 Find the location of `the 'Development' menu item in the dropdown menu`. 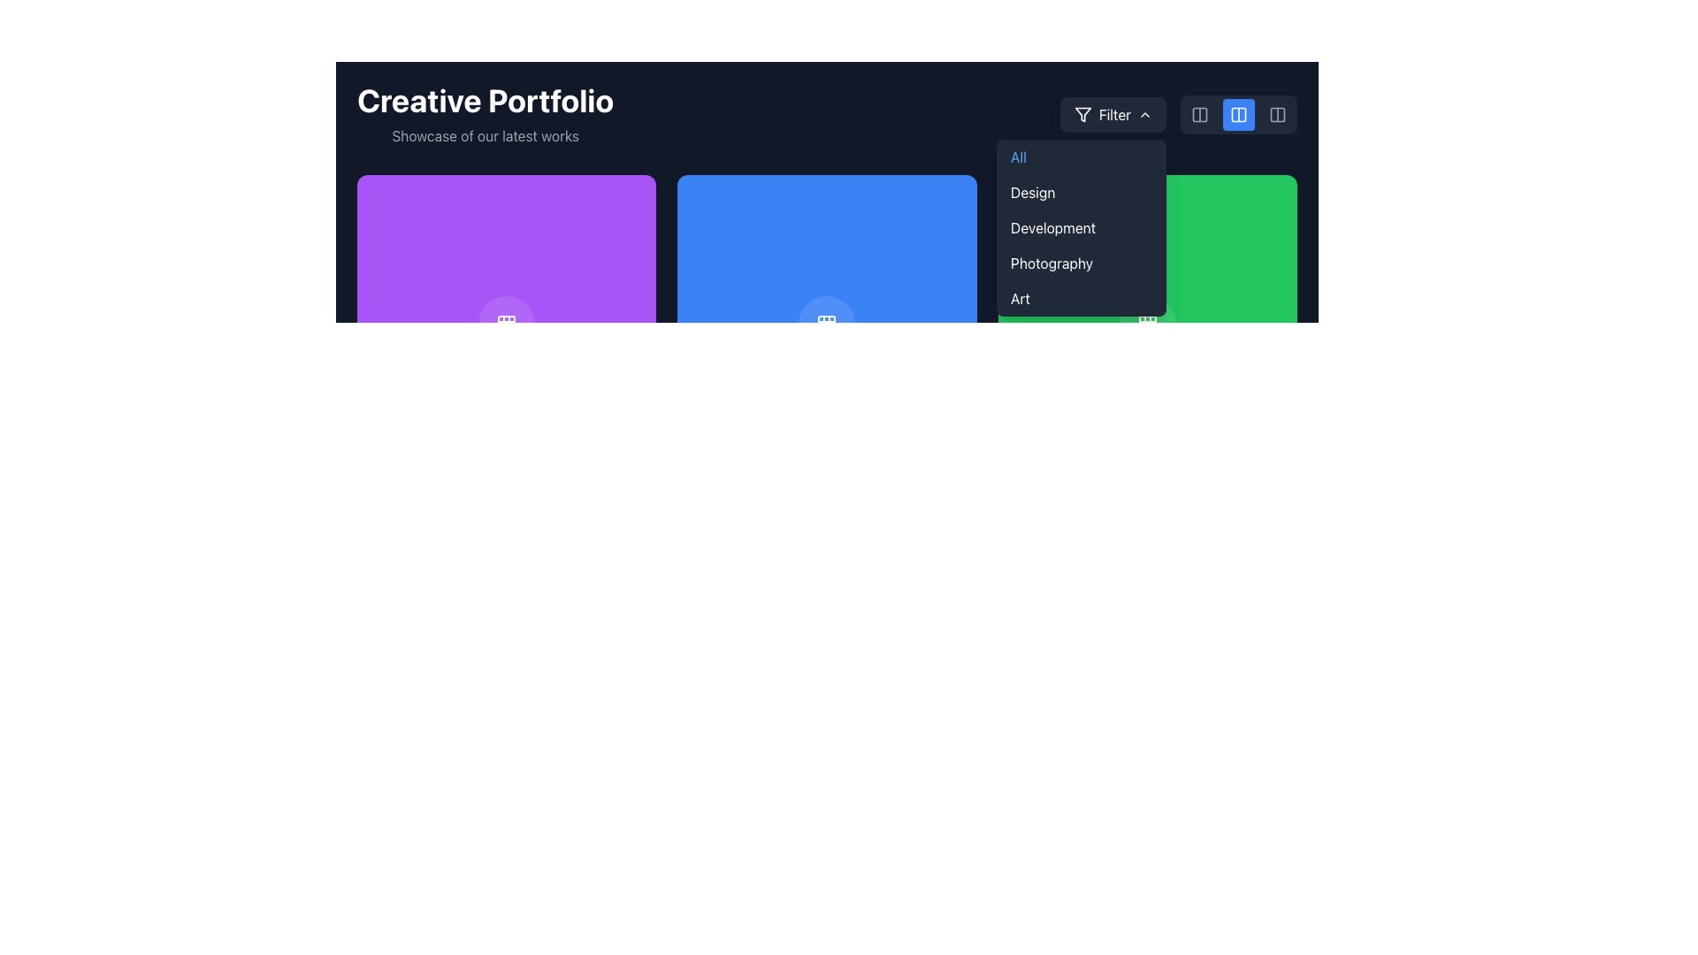

the 'Development' menu item in the dropdown menu is located at coordinates (1081, 227).